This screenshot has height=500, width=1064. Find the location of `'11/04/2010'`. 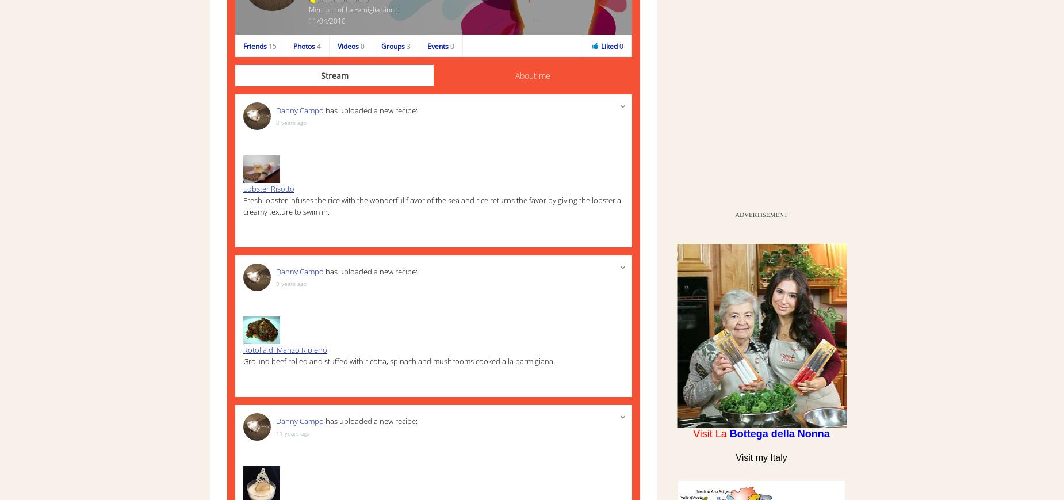

'11/04/2010' is located at coordinates (327, 20).